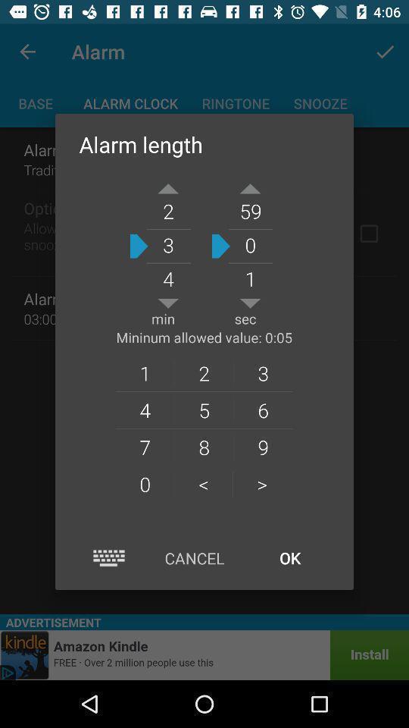 This screenshot has height=728, width=409. I want to click on use keyboard, so click(108, 557).